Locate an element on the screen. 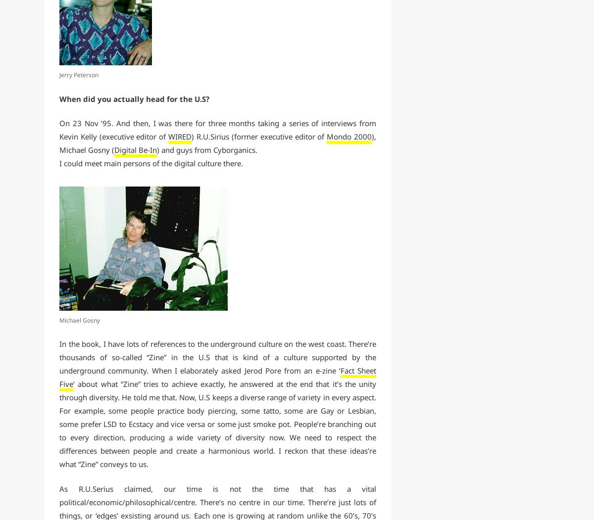 This screenshot has height=520, width=594. 'Mondo 2000' is located at coordinates (349, 136).